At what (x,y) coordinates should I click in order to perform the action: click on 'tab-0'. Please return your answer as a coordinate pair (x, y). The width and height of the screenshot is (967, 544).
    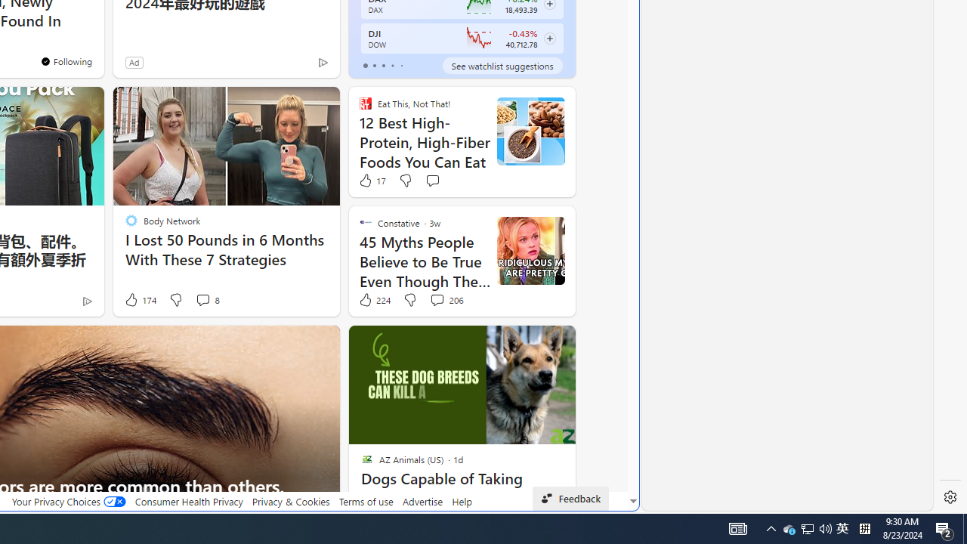
    Looking at the image, I should click on (365, 65).